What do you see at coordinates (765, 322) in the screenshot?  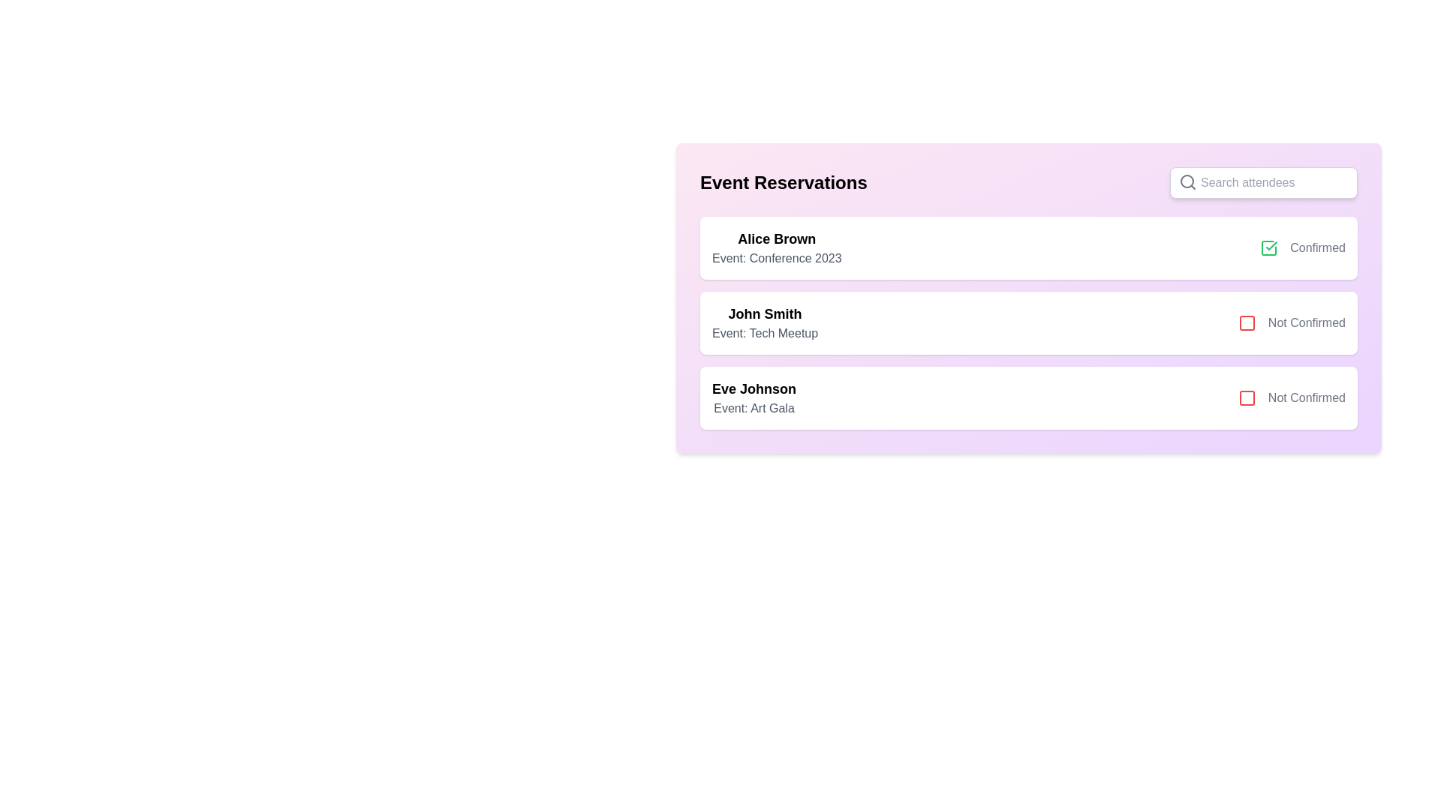 I see `the Text display component showing 'John Smith' for the 'Tech Meetup' event, located in the second card of the 'Event Reservations' section` at bounding box center [765, 322].